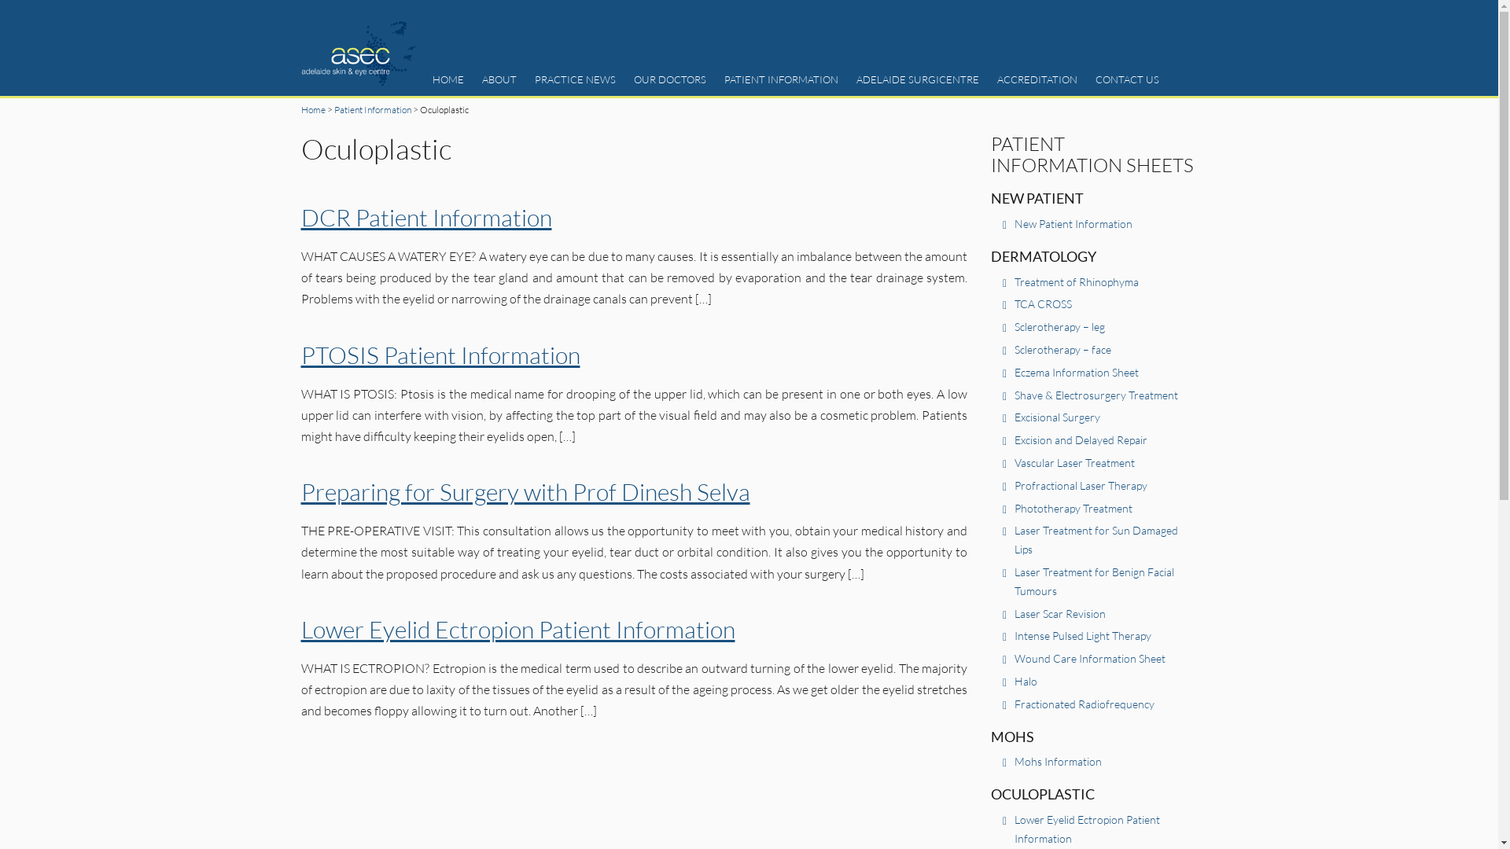 The width and height of the screenshot is (1510, 849). I want to click on 'ADELAIDE SURGICENTRE', so click(848, 79).